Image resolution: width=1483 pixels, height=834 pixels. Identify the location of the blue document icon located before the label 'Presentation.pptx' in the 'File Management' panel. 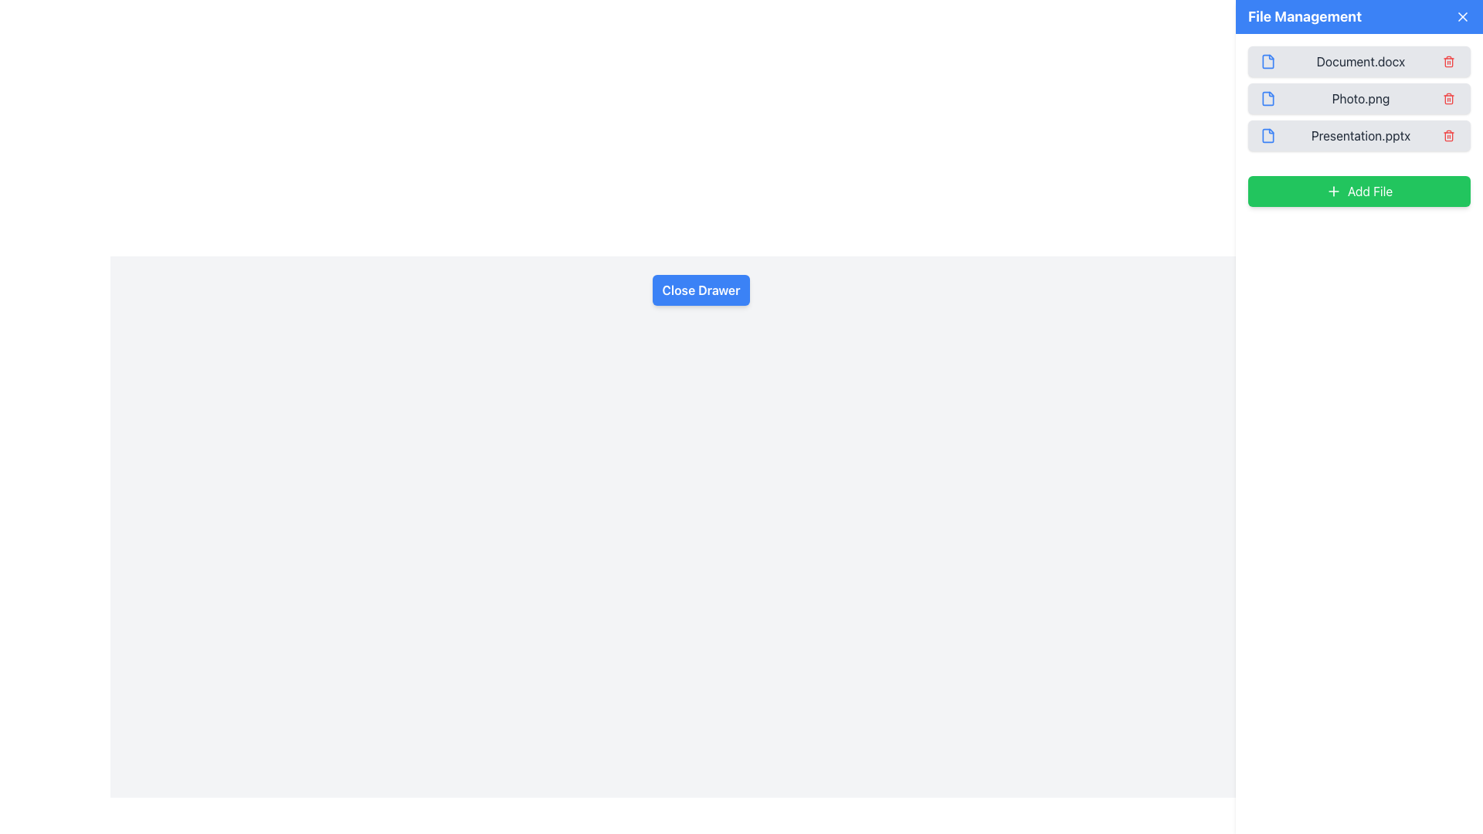
(1268, 135).